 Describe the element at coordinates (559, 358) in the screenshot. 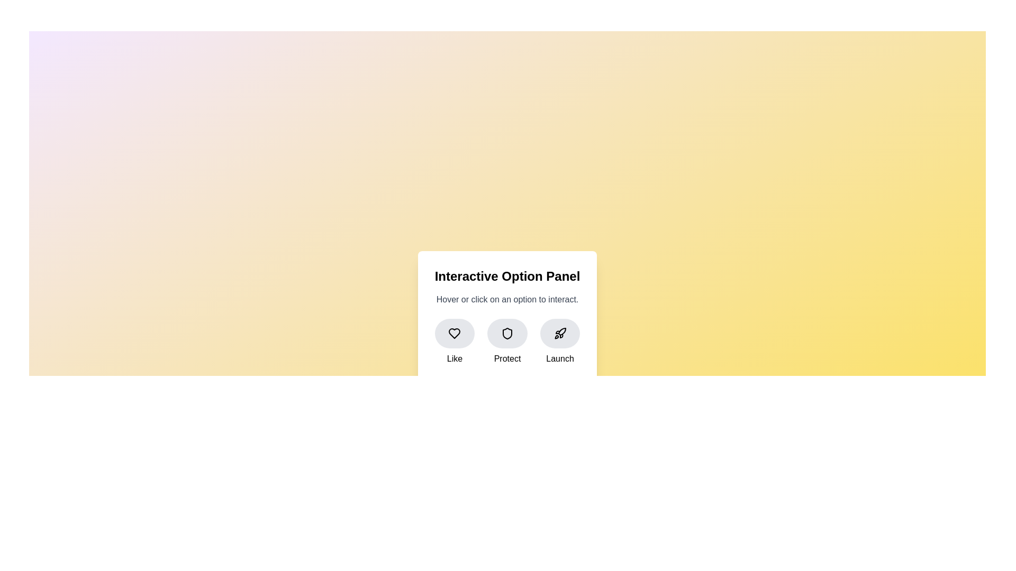

I see `the text label that serves as a description for the associated rocket icon, which is the third element among three horizontally aligned buttons, located to the far right next to the 'Protect' option` at that location.